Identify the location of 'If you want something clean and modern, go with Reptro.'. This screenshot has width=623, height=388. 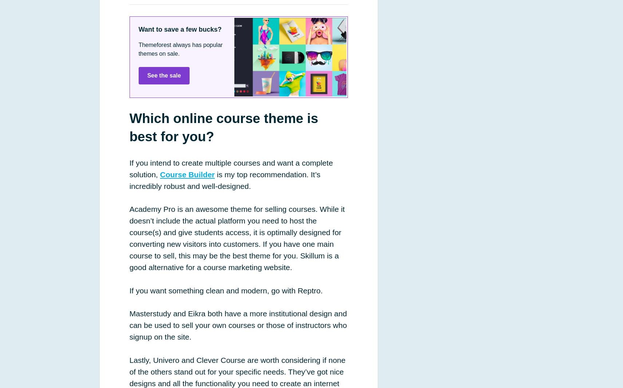
(225, 290).